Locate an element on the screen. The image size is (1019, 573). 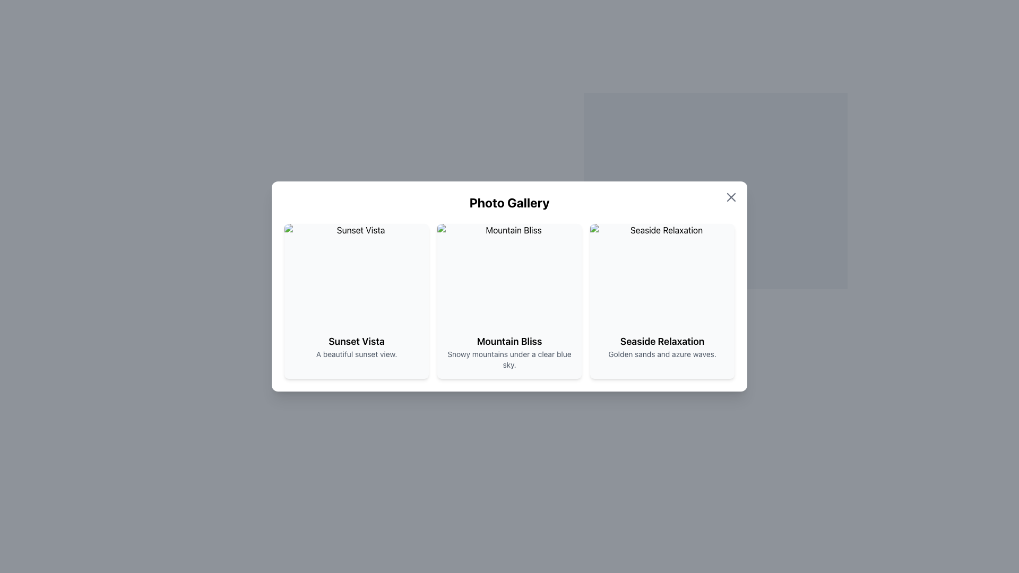
to interact with the visual card showcasing an image, located centrally between 'Sunset Vista' and 'Seaside Relaxation' in the photo gallery modal is located at coordinates (509, 286).